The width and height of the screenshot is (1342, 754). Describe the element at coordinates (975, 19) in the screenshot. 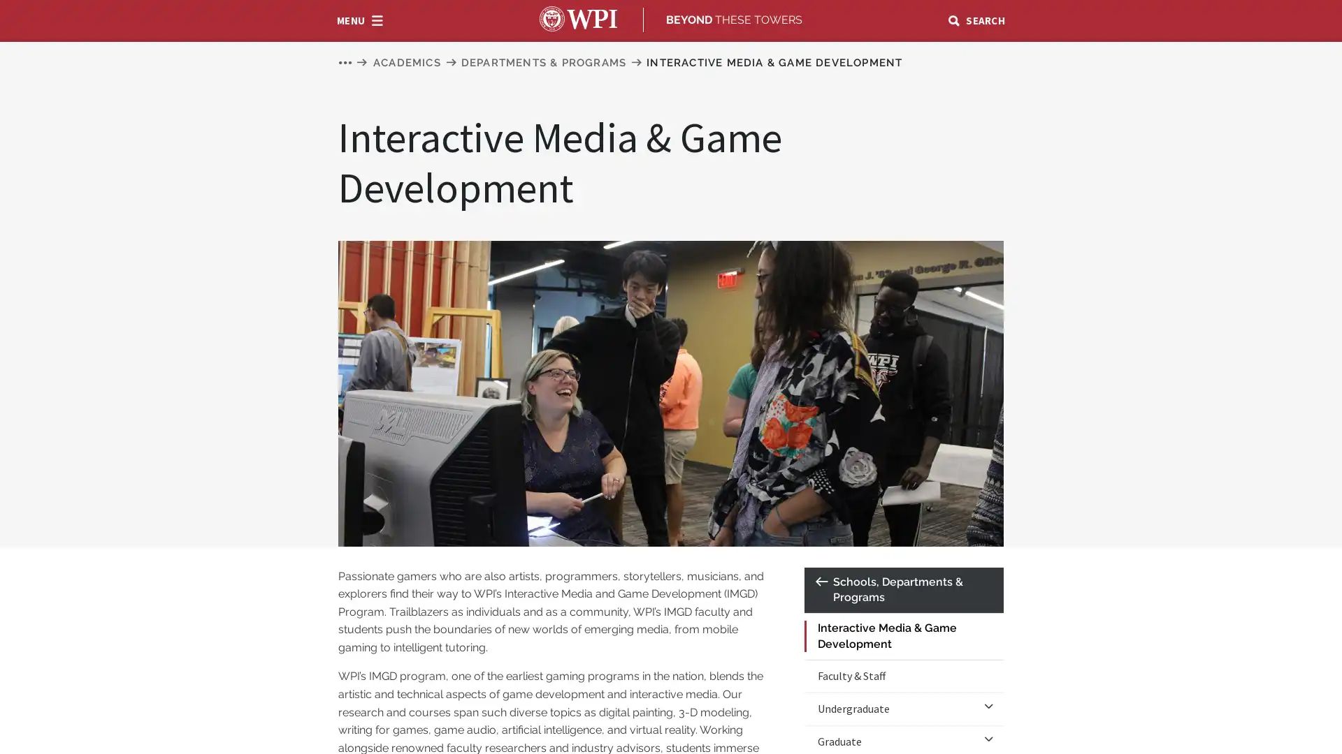

I see `SEARCH` at that location.